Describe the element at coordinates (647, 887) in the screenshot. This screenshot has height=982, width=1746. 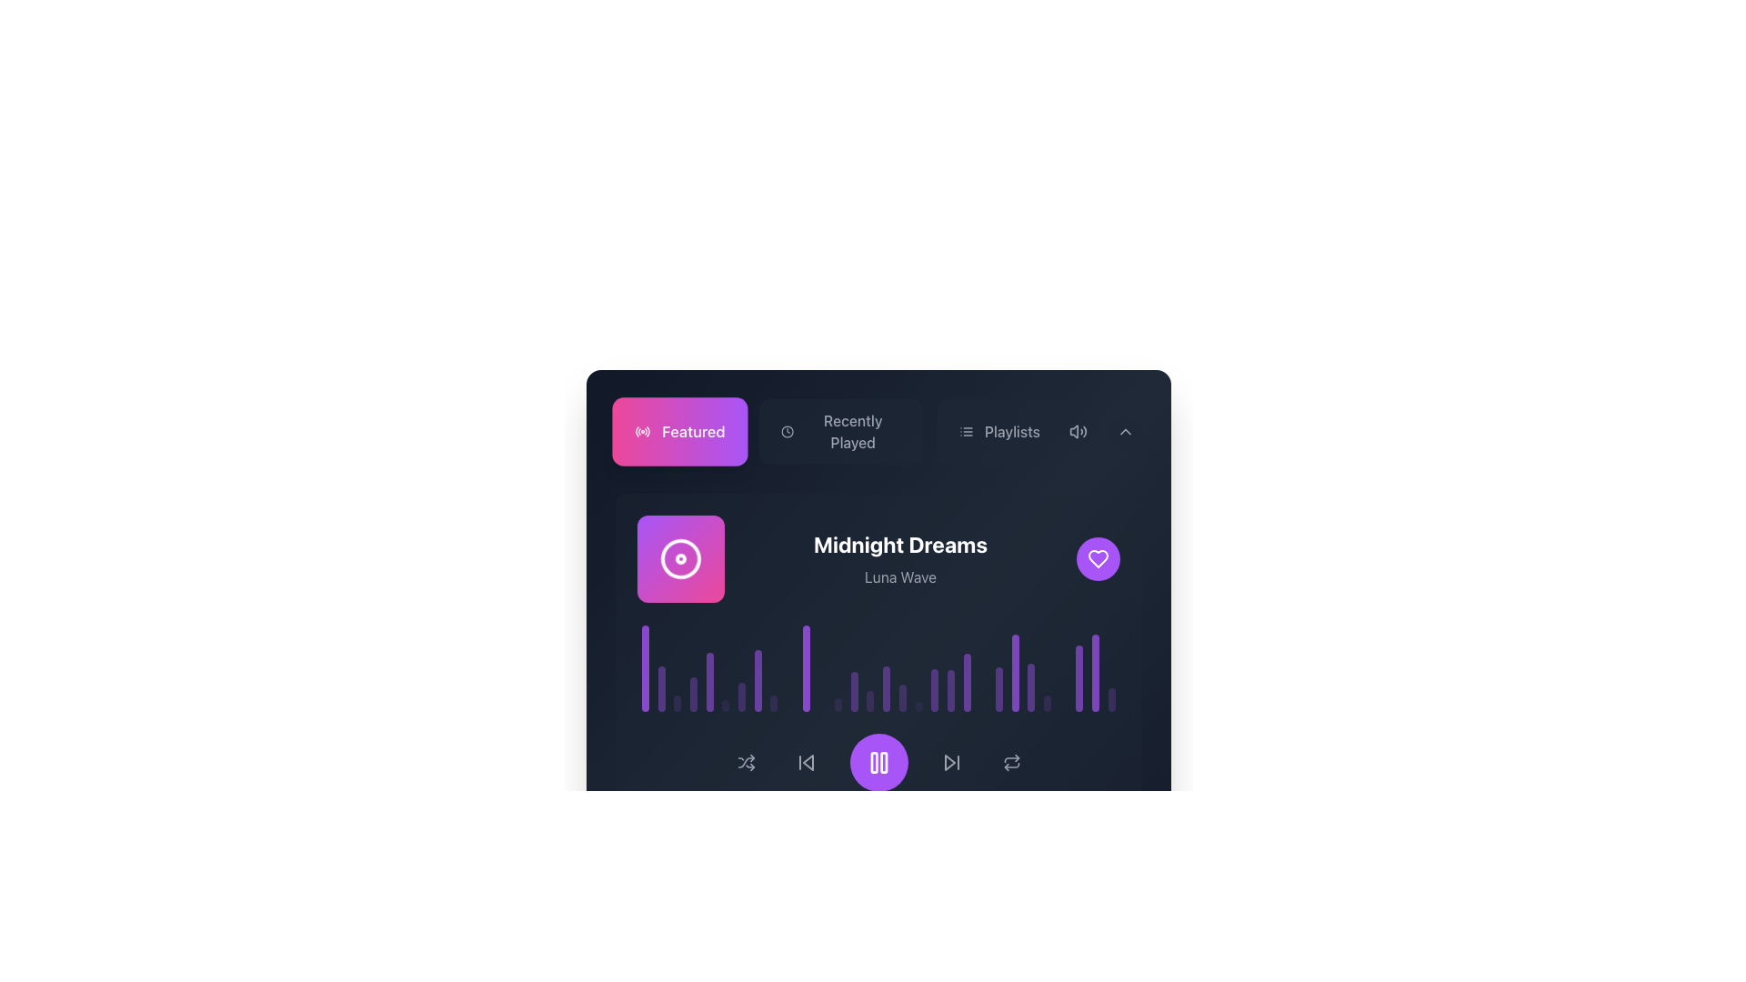
I see `the music-related button located at the bottom left of the song information section, adjacent to 'Midnight Dreams' and 'Luna Wave'` at that location.